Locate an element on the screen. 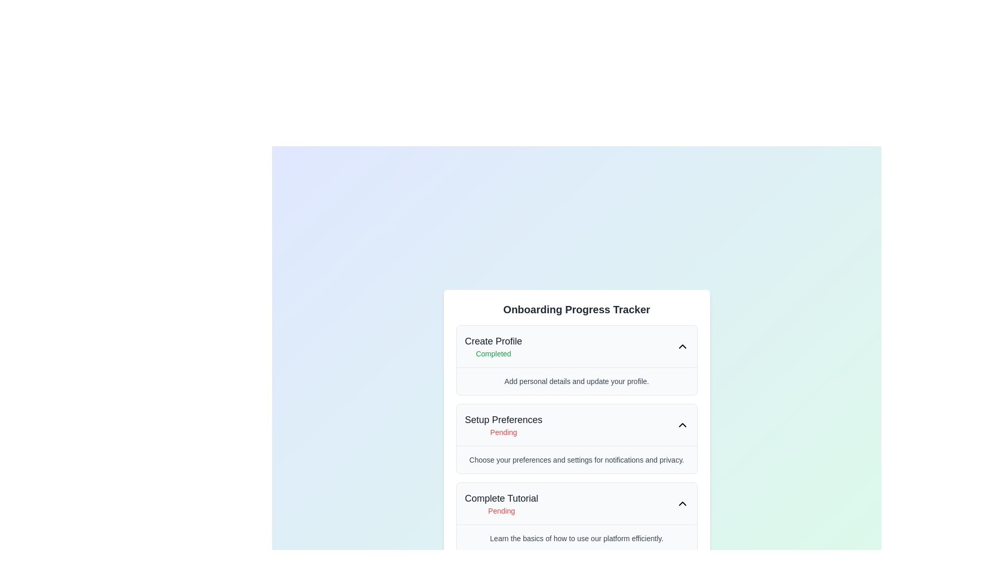 This screenshot has width=999, height=562. text of the status indicator label for the 'Setup Preferences' section, which indicates that the setup is pending is located at coordinates (504, 432).